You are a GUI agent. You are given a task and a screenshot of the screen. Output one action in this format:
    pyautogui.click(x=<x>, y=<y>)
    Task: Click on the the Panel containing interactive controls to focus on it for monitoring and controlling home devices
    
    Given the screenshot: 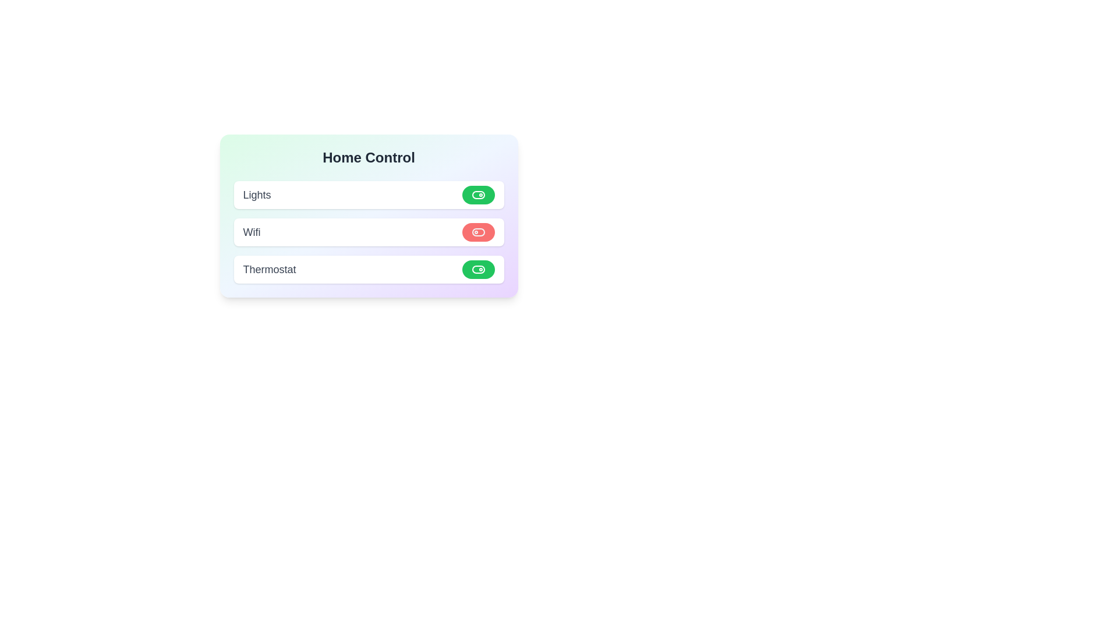 What is the action you would take?
    pyautogui.click(x=368, y=215)
    